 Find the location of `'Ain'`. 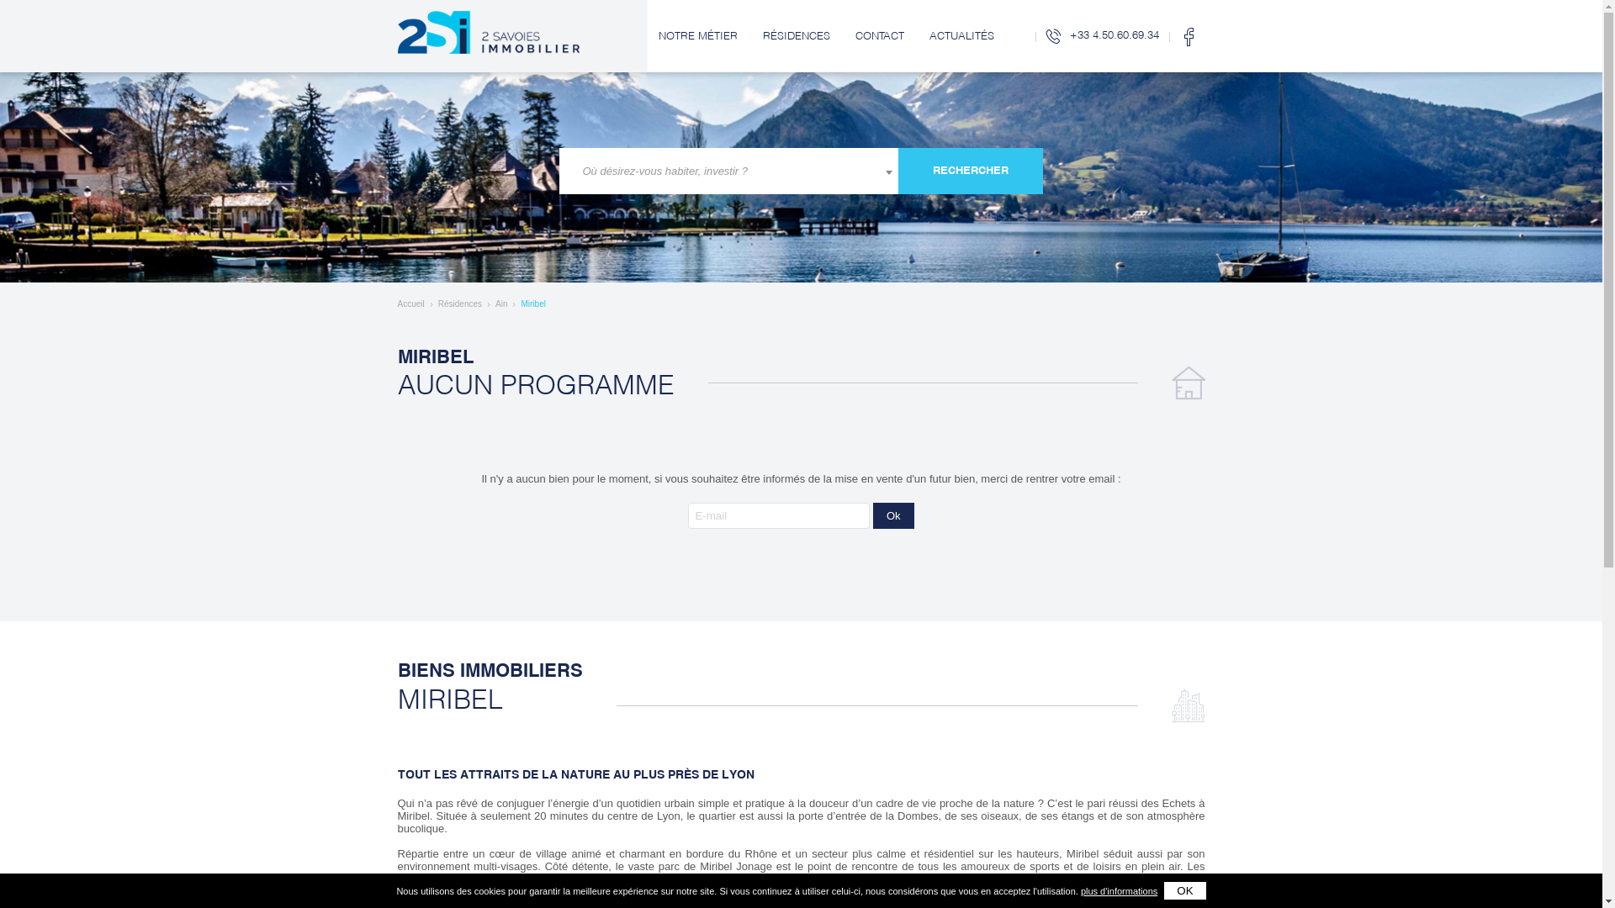

'Ain' is located at coordinates (495, 304).